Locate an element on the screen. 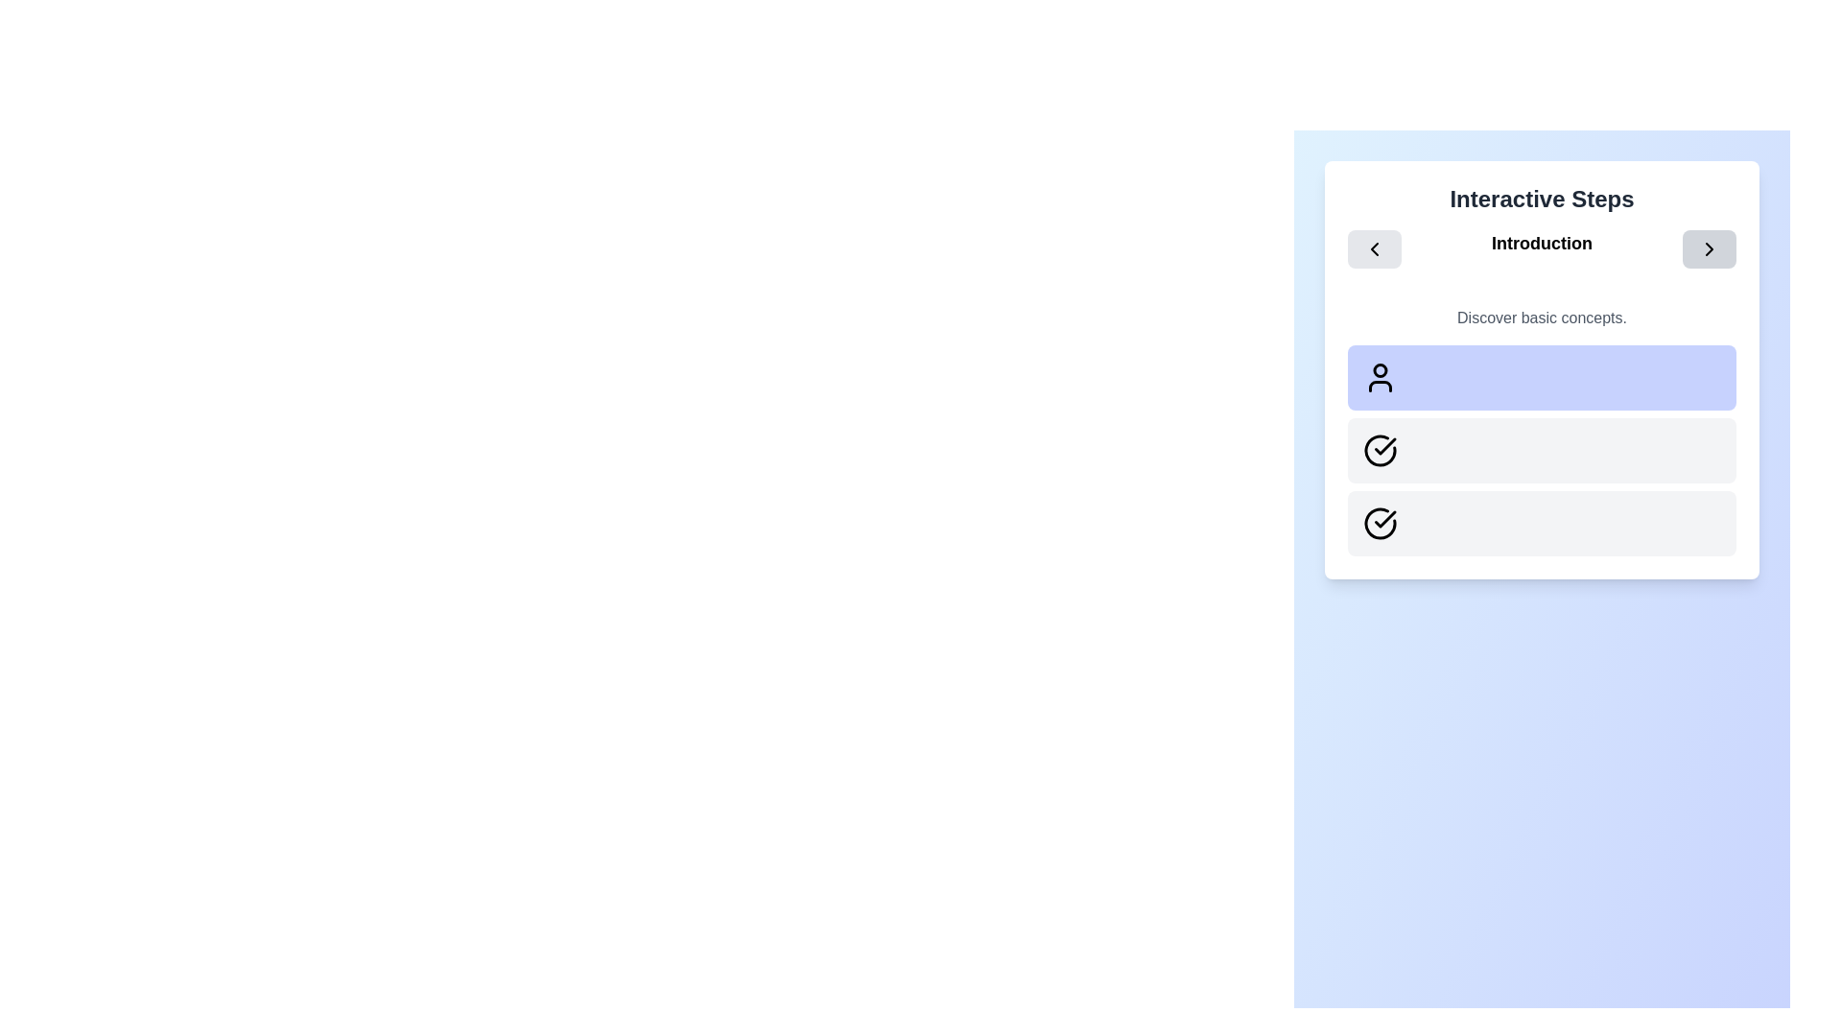  the left-pointing chevron arrow icon located at the center of the left navigation button in the 'Interactive Steps' interface is located at coordinates (1374, 247).